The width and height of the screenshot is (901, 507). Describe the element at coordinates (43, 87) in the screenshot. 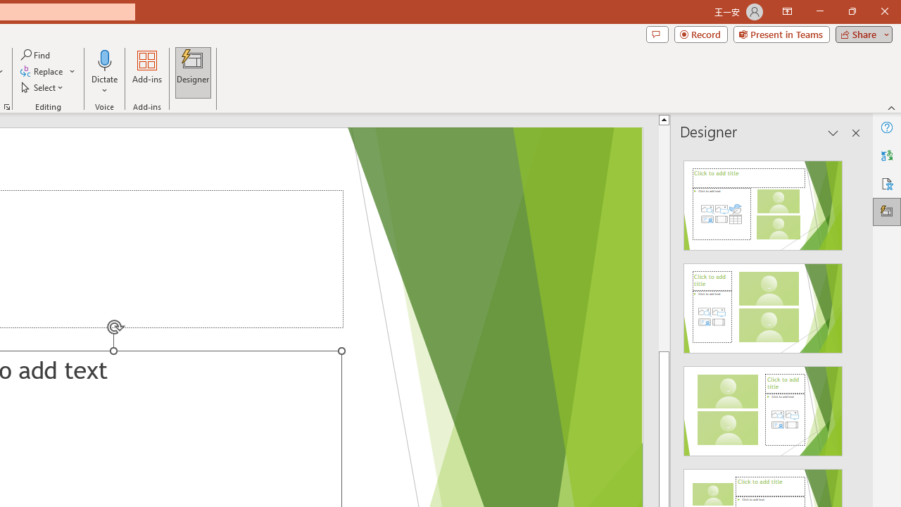

I see `'Select'` at that location.